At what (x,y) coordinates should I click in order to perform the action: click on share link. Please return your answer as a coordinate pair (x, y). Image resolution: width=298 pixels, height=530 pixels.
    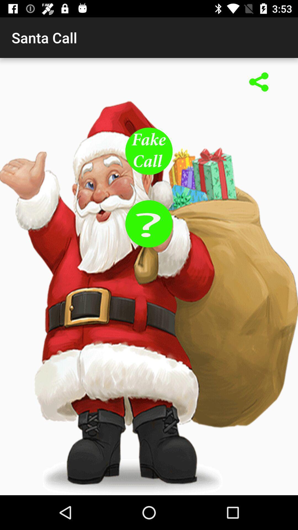
    Looking at the image, I should click on (259, 82).